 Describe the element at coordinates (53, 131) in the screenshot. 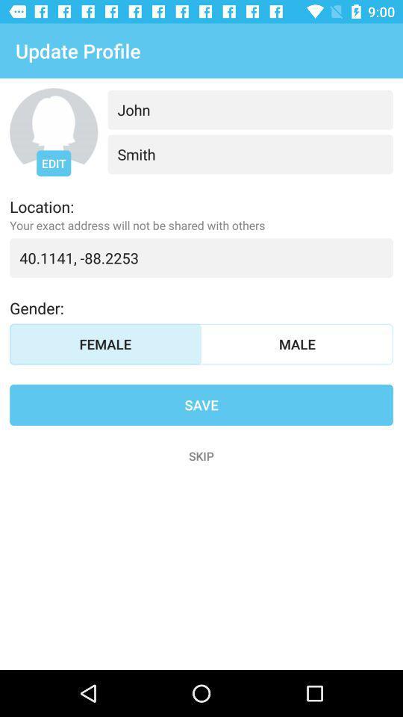

I see `edit profile picture` at that location.